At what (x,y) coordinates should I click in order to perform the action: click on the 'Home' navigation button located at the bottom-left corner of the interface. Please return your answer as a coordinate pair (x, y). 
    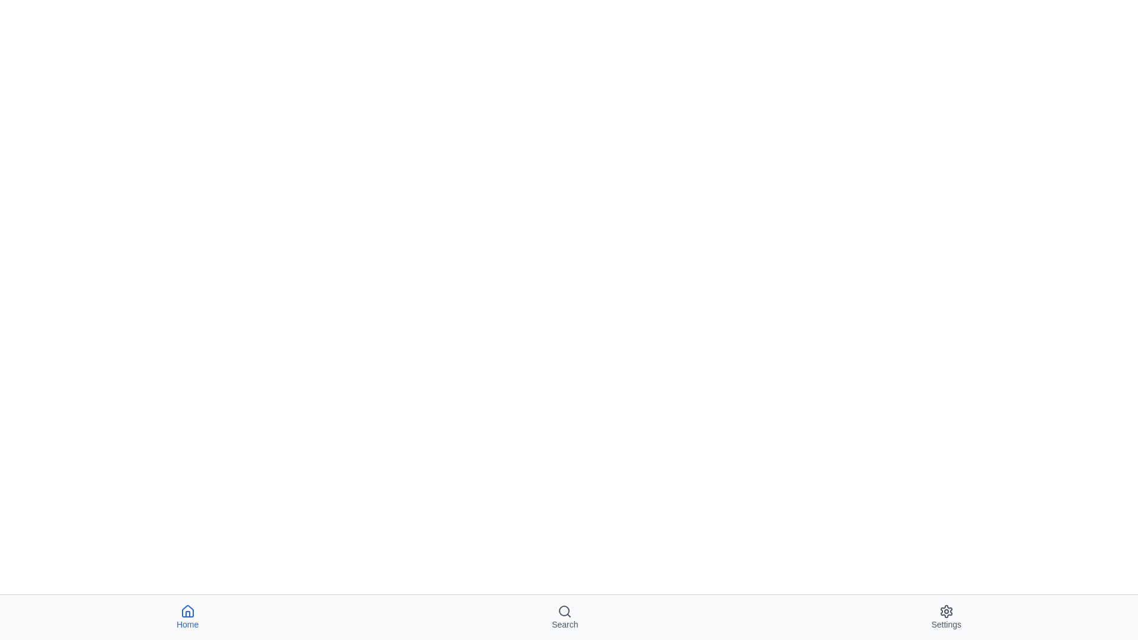
    Looking at the image, I should click on (187, 616).